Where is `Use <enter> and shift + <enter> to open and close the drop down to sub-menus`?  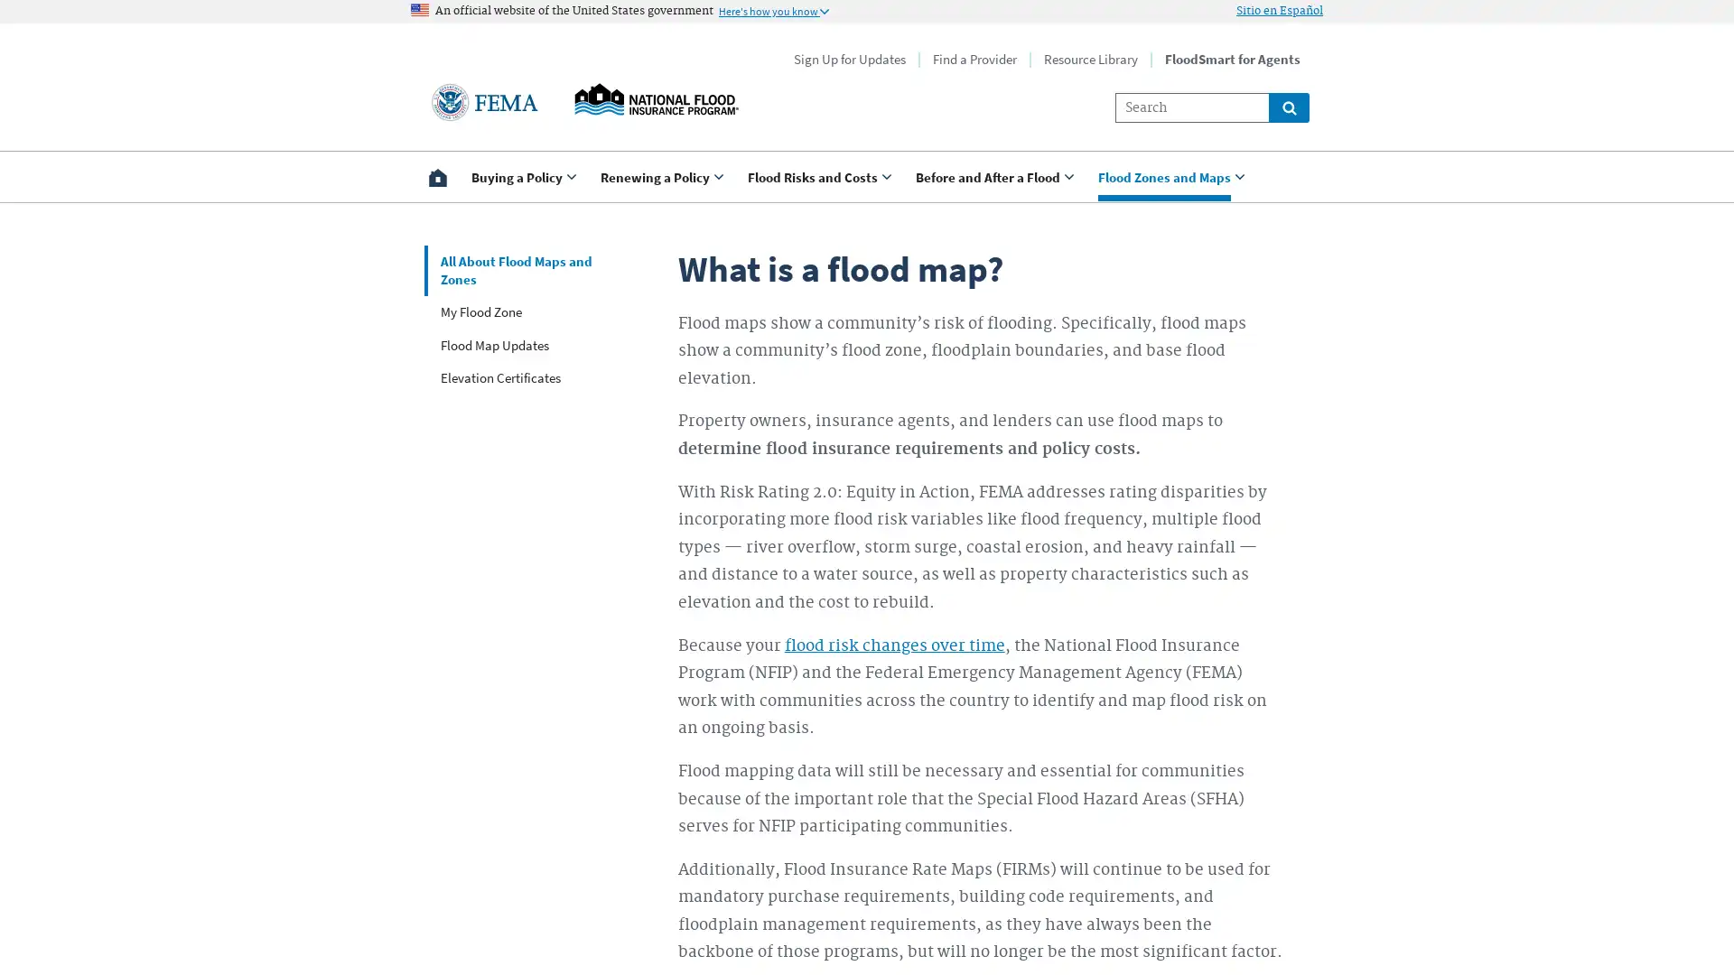
Use <enter> and shift + <enter> to open and close the drop down to sub-menus is located at coordinates (1174, 176).